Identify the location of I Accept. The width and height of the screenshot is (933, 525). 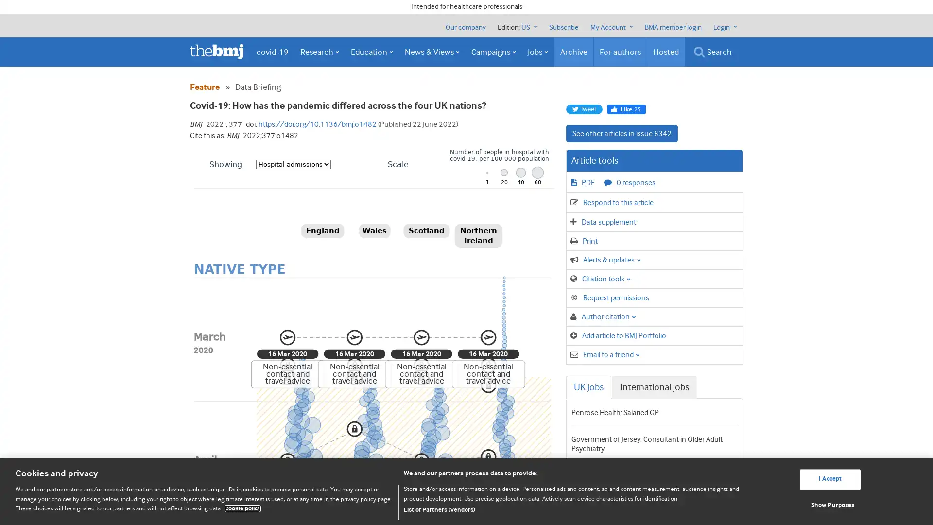
(829, 479).